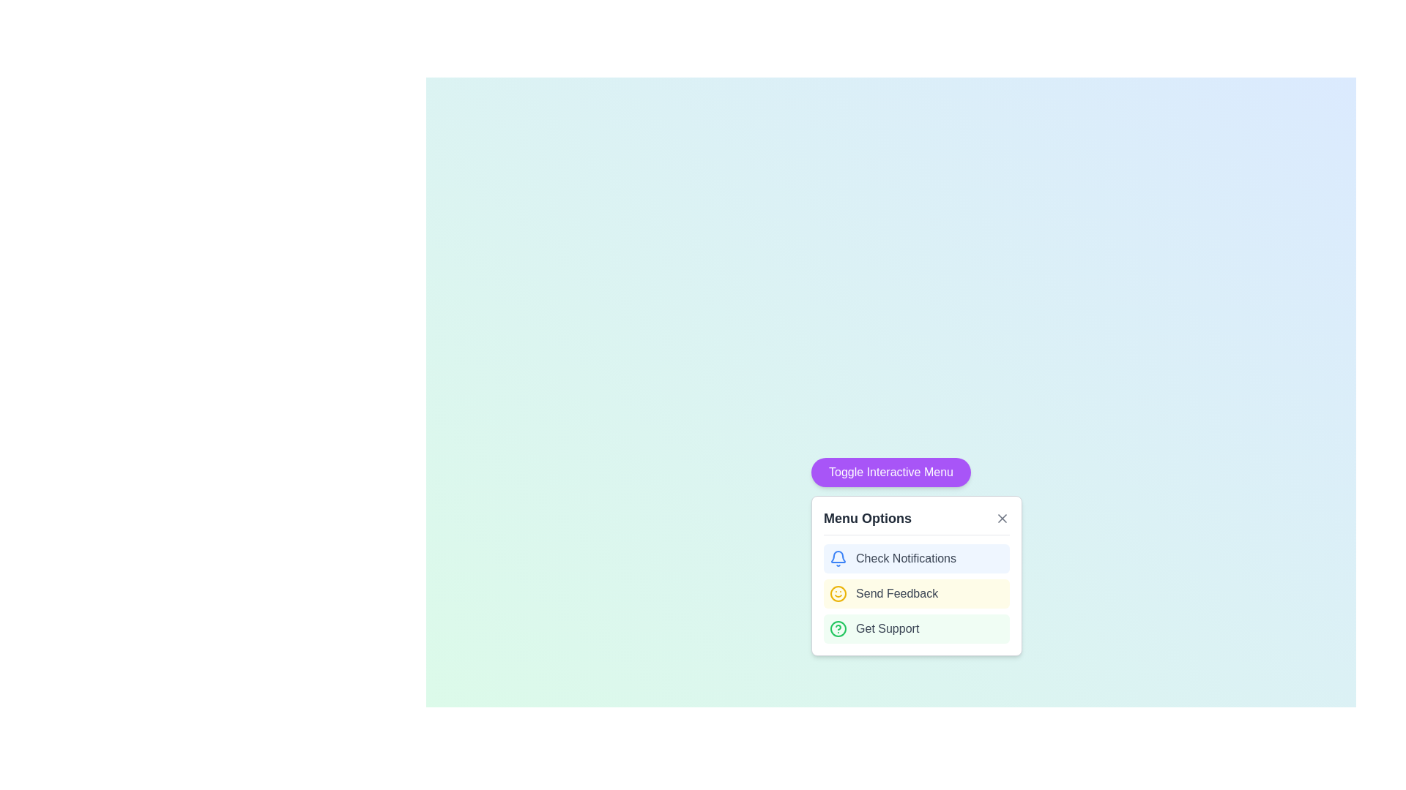 The image size is (1406, 790). I want to click on the 'Check Notifications' text label, which is part of the first option in the vertical menu located below the 'Menu Options' heading and above the 'Send Feedback' option, so click(905, 558).